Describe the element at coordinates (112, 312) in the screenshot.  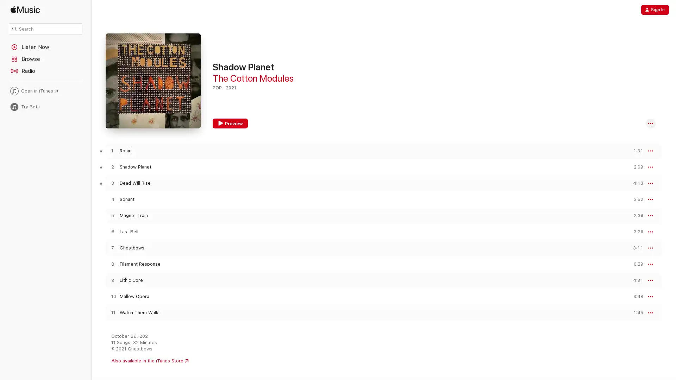
I see `Play` at that location.